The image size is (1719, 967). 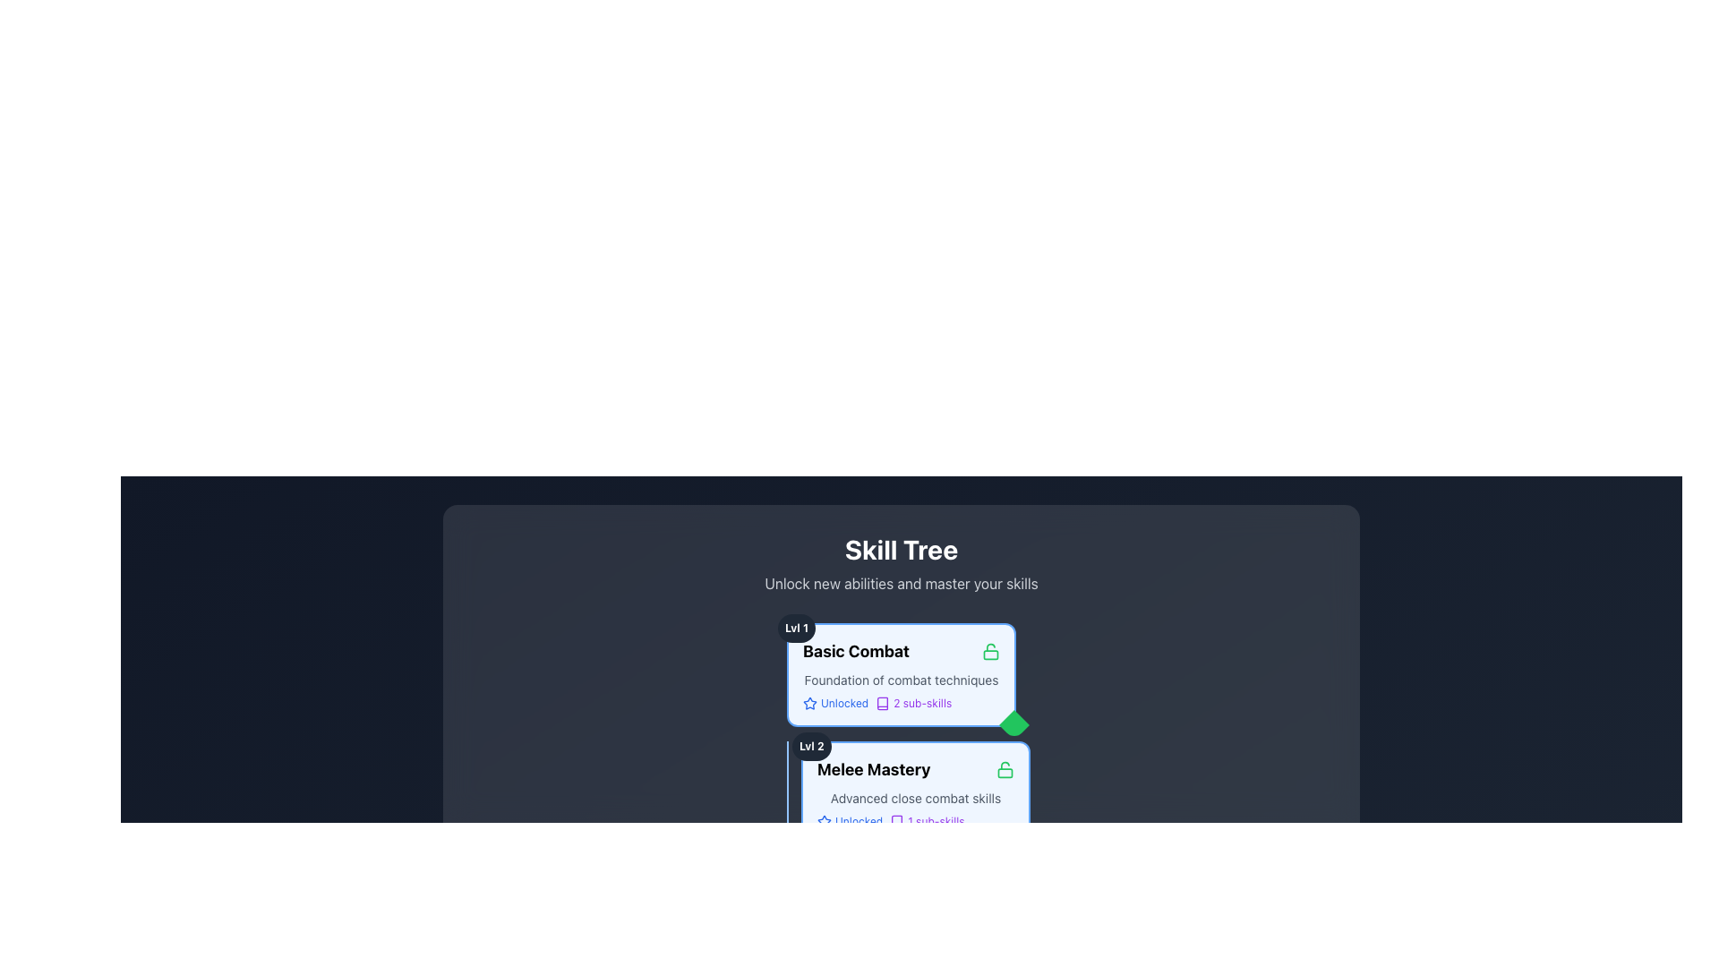 What do you see at coordinates (874, 769) in the screenshot?
I see `the 'Melee Mastery' text label, which is styled in bold font and located within the Level 2 skill card of the Skill Tree interface` at bounding box center [874, 769].